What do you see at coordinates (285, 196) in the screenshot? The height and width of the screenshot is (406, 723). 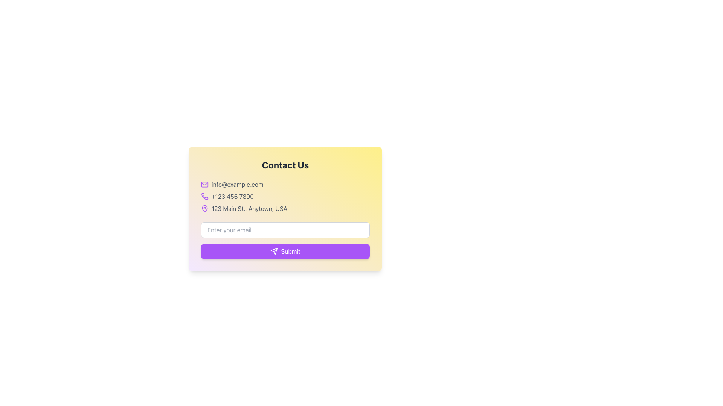 I see `the Information group that provides contact information, located below the 'Contact Us' title and above the email input field` at bounding box center [285, 196].